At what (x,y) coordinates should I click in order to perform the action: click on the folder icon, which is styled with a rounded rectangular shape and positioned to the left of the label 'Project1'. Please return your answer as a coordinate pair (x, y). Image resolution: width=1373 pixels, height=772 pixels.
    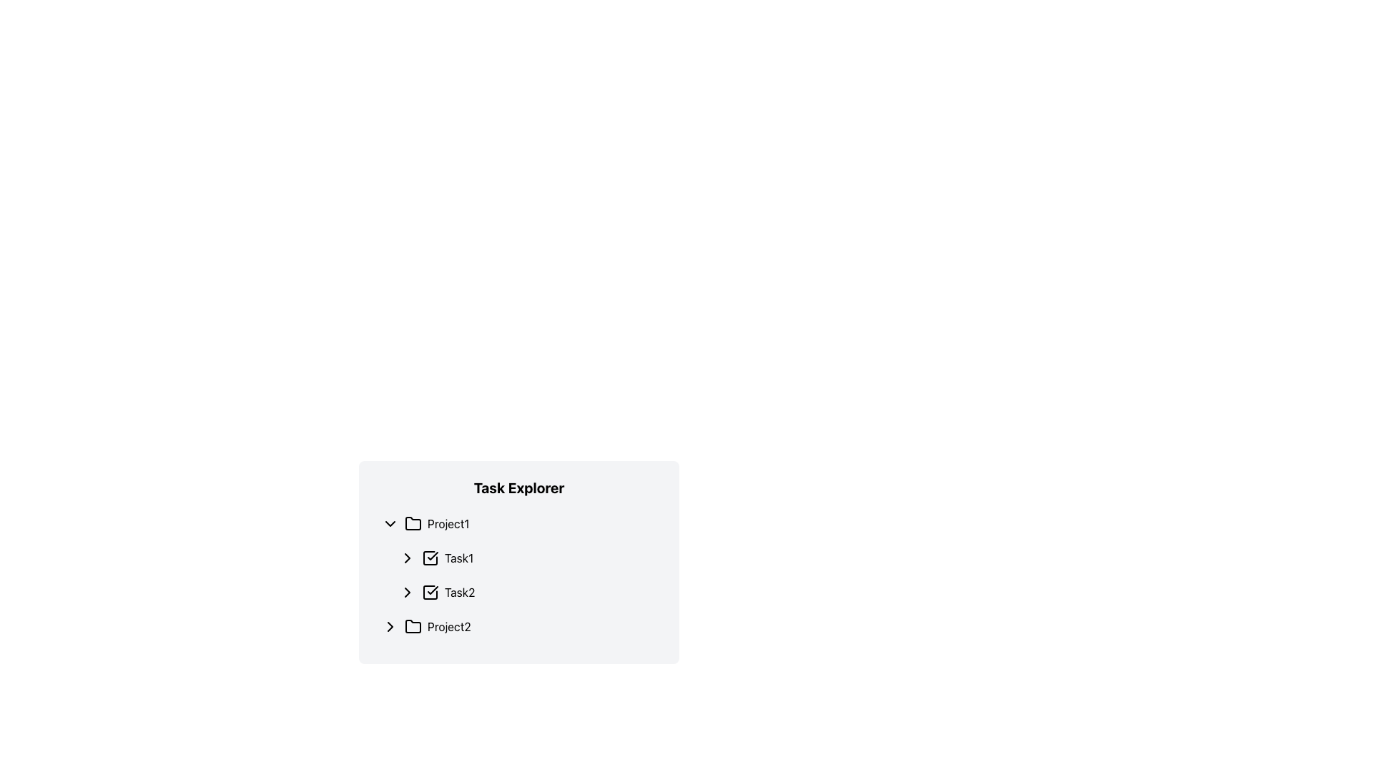
    Looking at the image, I should click on (412, 523).